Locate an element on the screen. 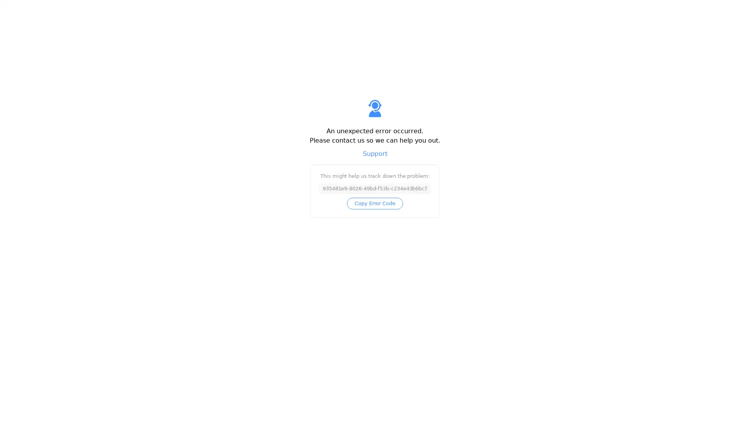 This screenshot has width=750, height=422. Copy Error Code to Clipboard is located at coordinates (374, 203).